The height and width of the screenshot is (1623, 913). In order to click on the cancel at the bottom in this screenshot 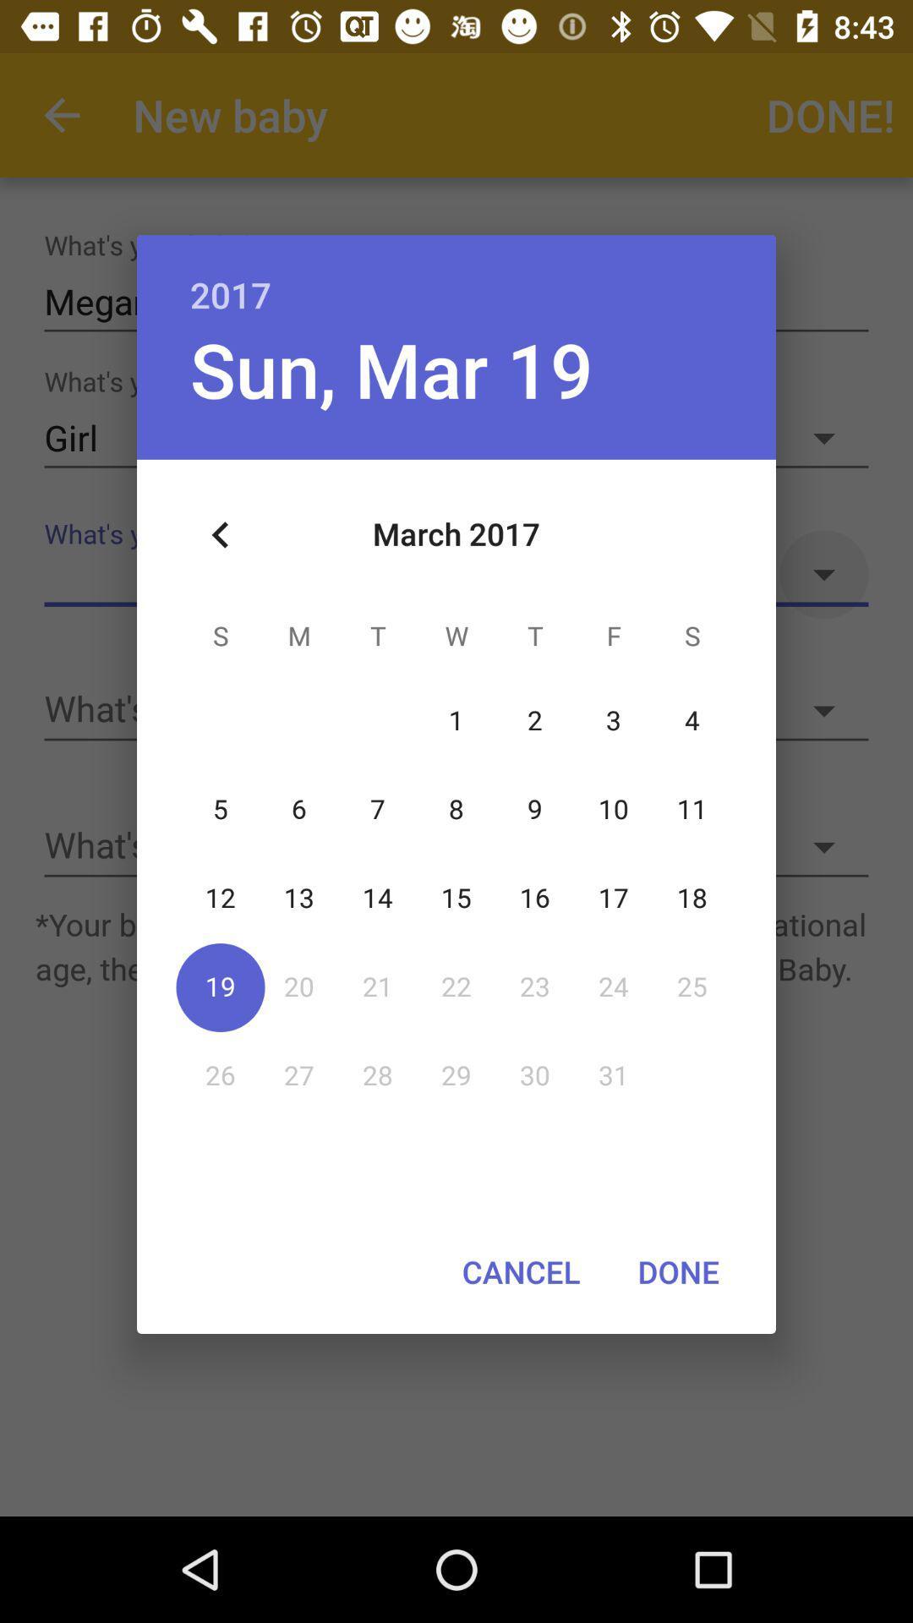, I will do `click(520, 1271)`.